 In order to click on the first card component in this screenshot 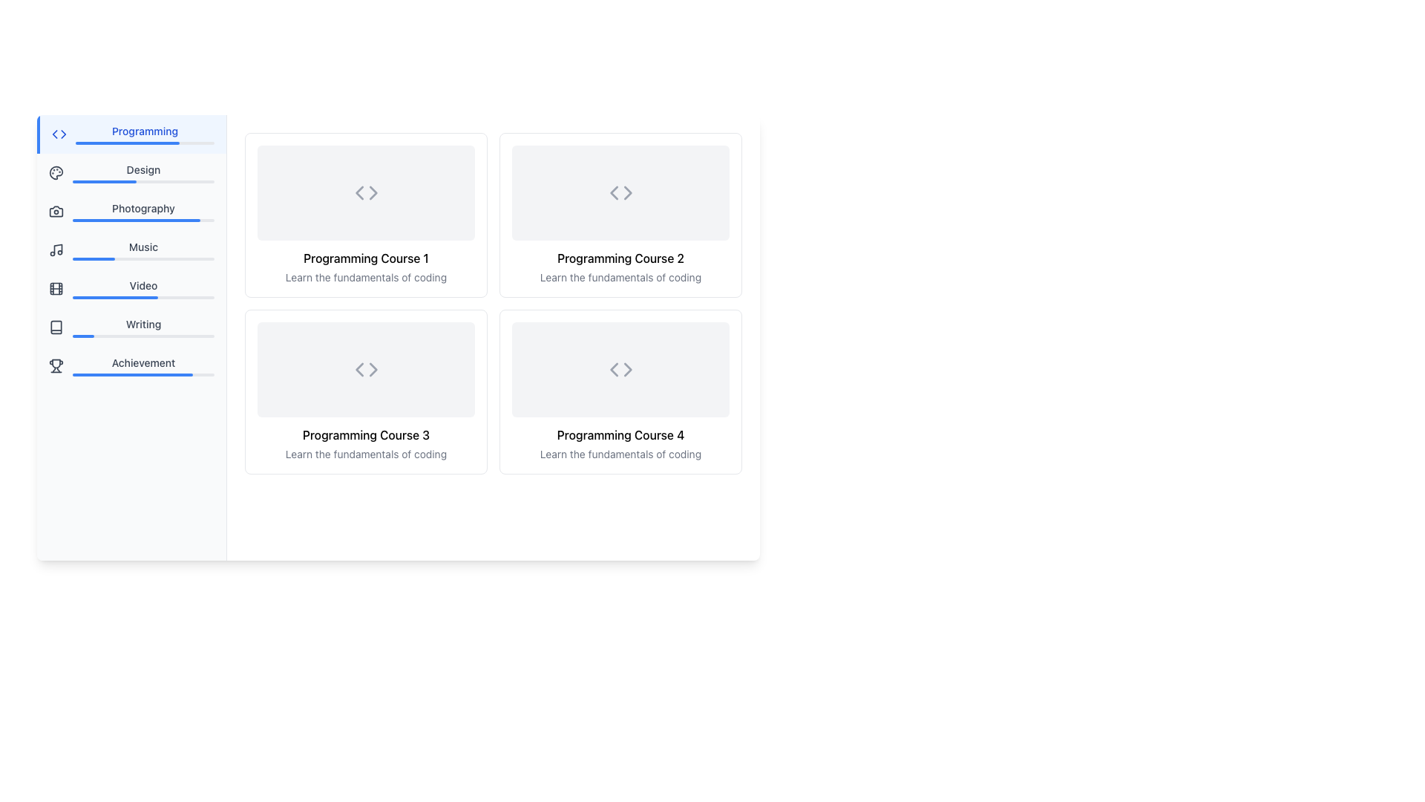, I will do `click(366, 215)`.